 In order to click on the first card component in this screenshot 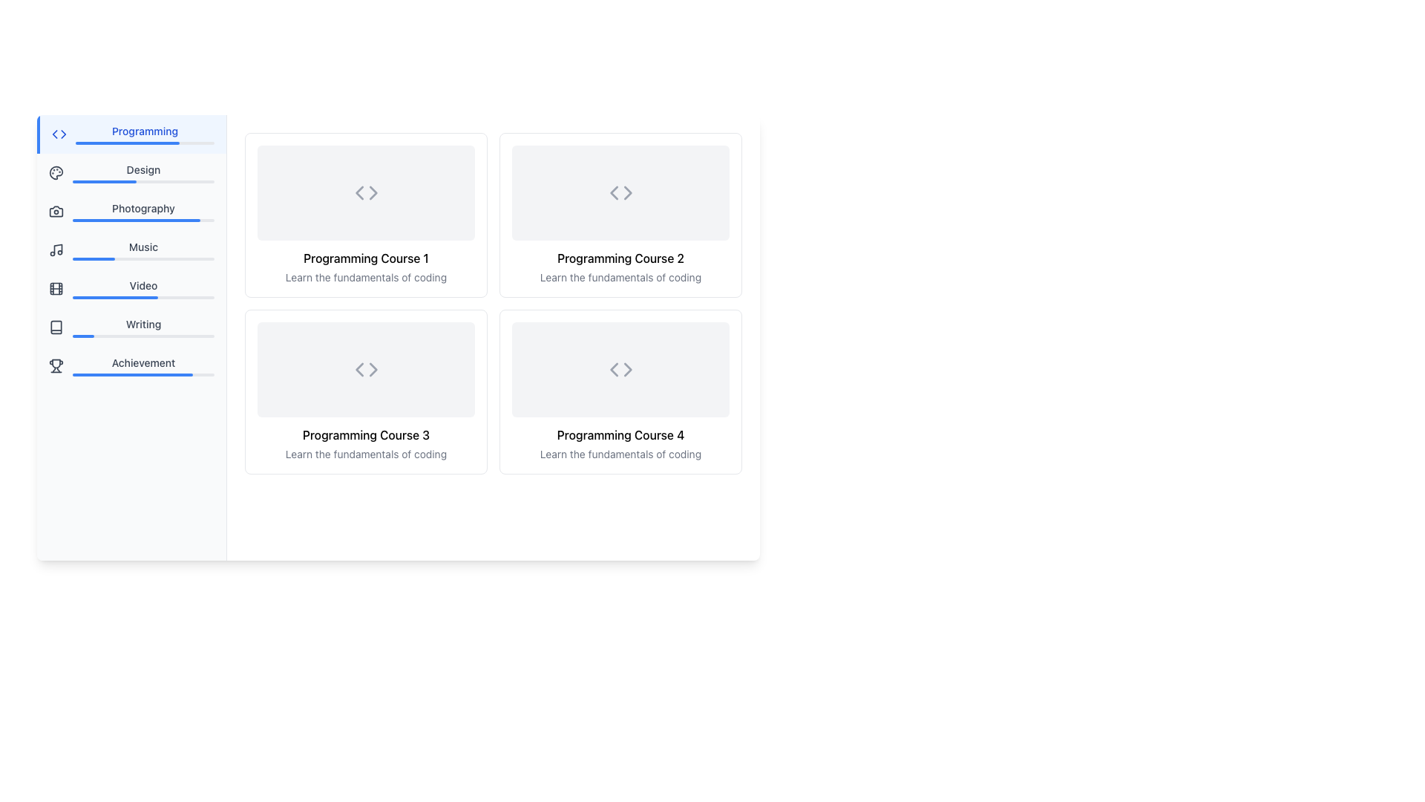, I will do `click(366, 215)`.